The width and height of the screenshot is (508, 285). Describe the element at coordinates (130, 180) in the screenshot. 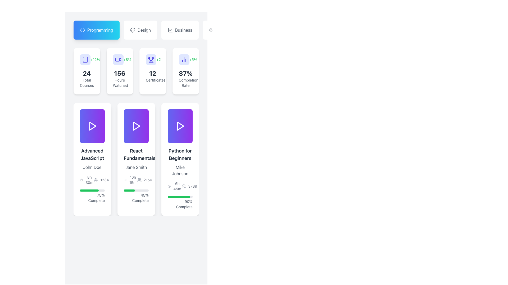

I see `displayed duration from the label with an icon and text located in the second card from the left, positioned above a green progress bar and to the left of the text '2156'` at that location.